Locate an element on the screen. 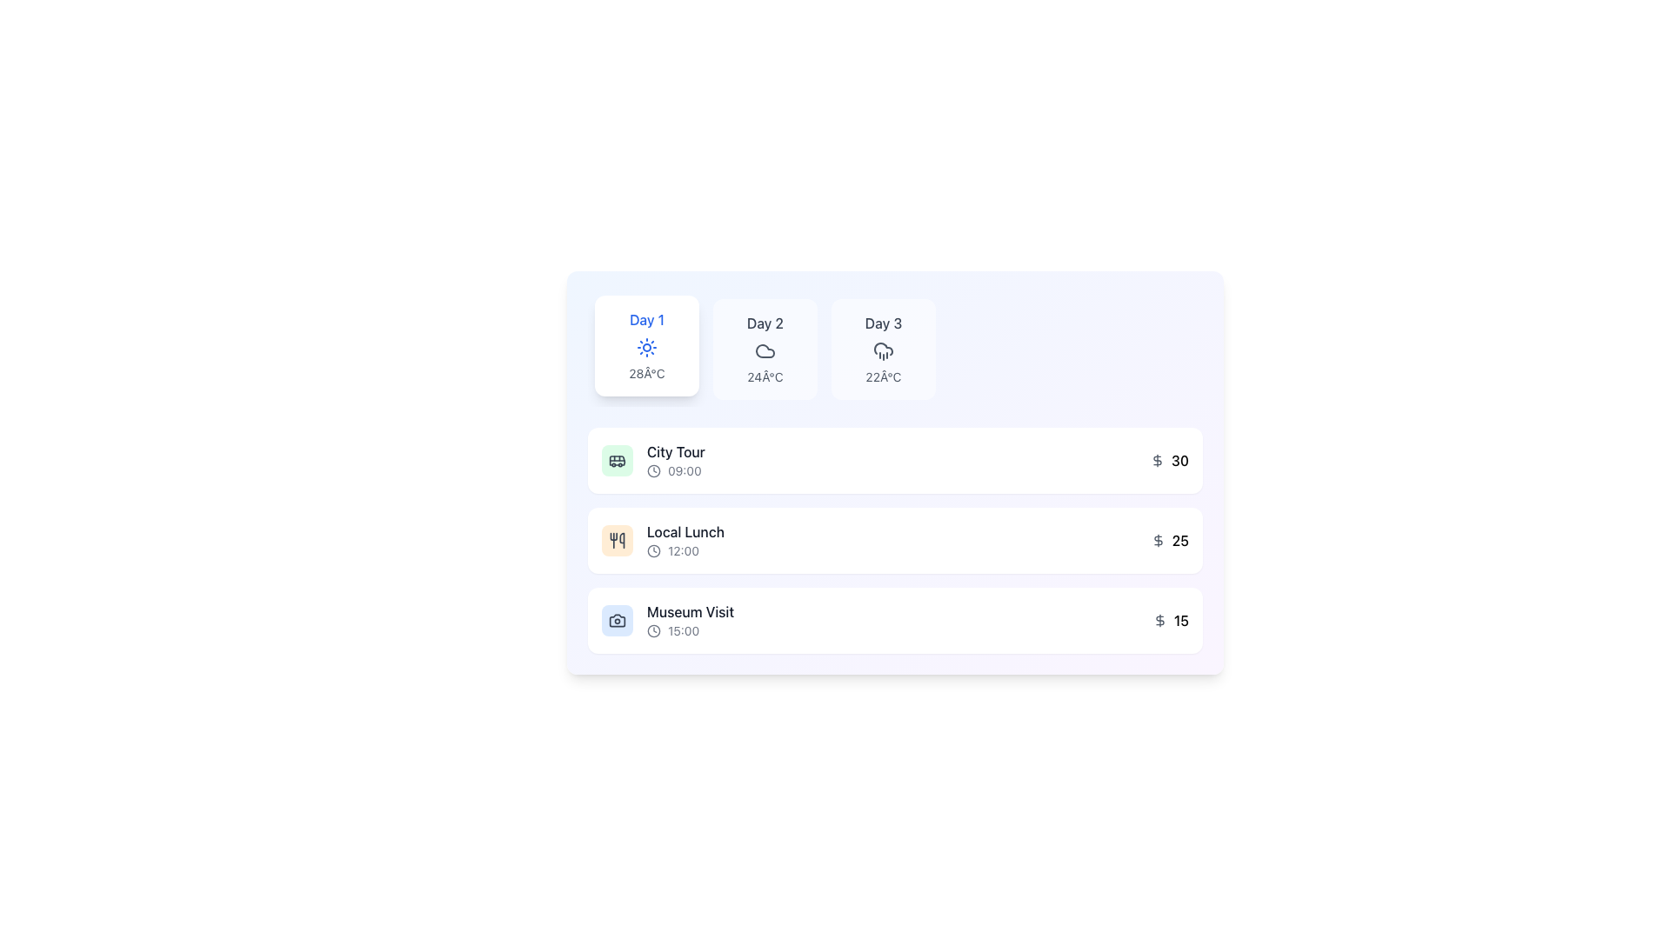  the gray dollar sign icon located to the left of the number '30' in the pricing row for 'City Tour' is located at coordinates (1157, 459).